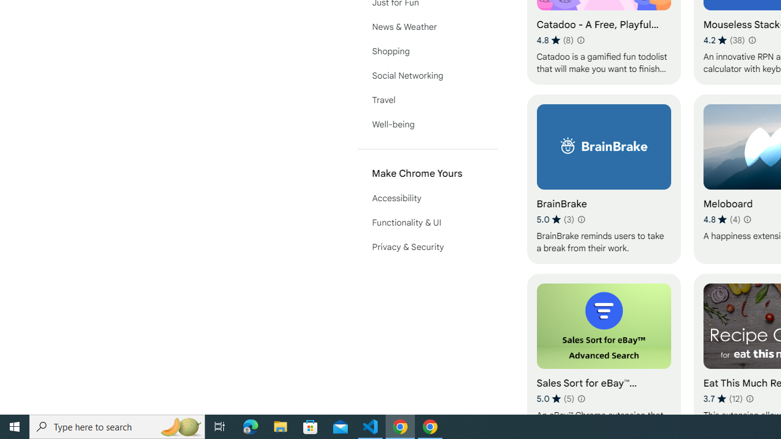  What do you see at coordinates (427, 26) in the screenshot?
I see `'News & Weather'` at bounding box center [427, 26].